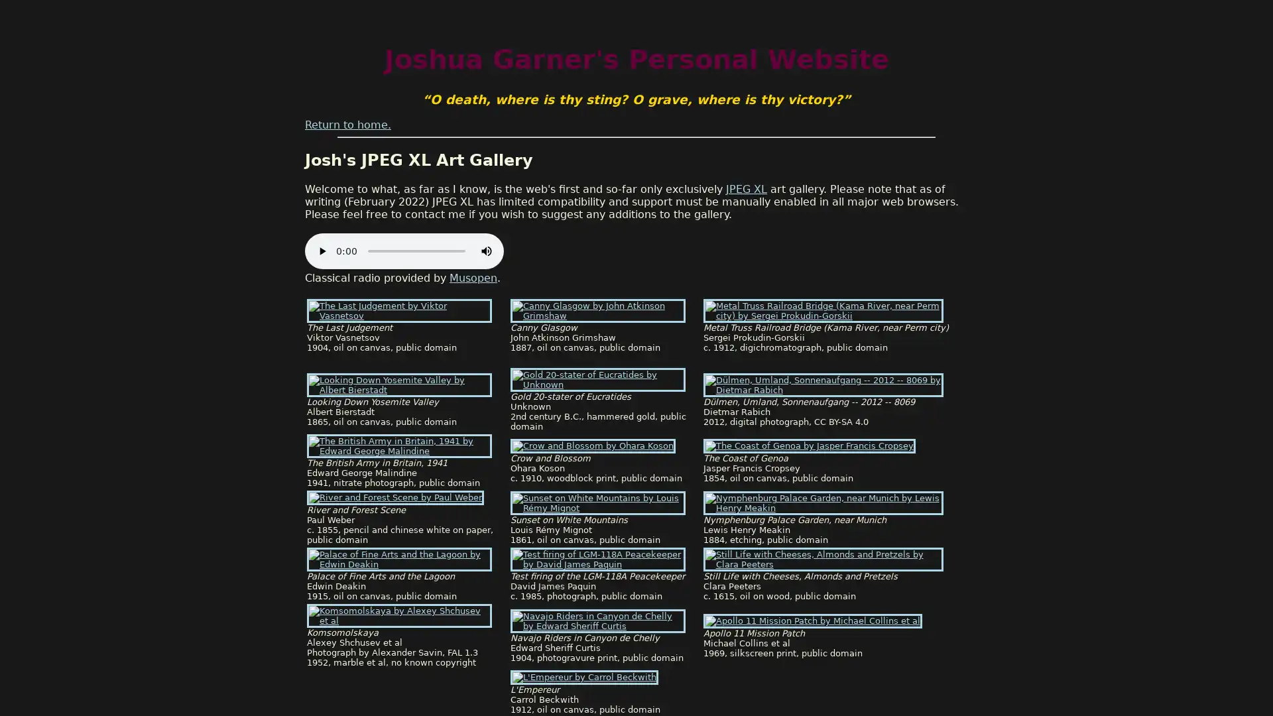 The width and height of the screenshot is (1273, 716). What do you see at coordinates (486, 251) in the screenshot?
I see `mute` at bounding box center [486, 251].